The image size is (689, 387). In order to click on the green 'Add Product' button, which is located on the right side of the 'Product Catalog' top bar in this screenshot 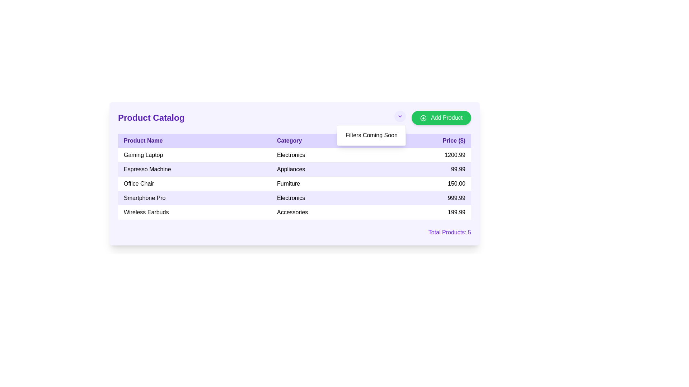, I will do `click(432, 117)`.